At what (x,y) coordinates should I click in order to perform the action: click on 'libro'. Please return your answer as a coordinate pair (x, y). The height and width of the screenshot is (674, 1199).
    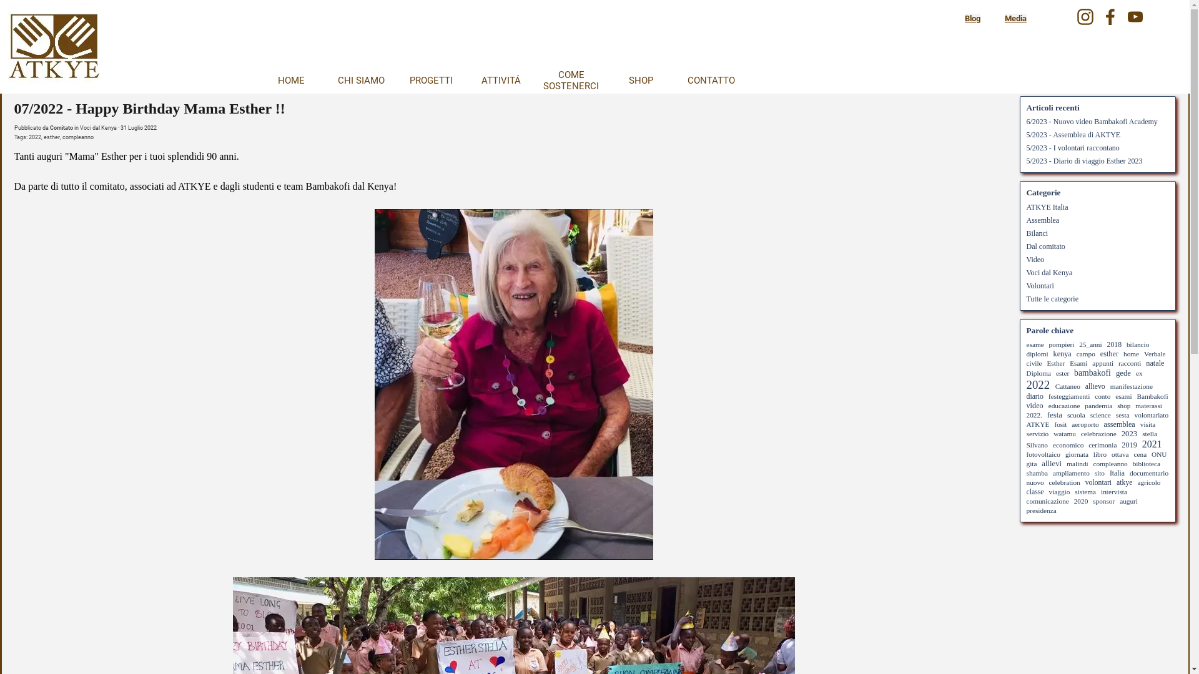
    Looking at the image, I should click on (1100, 454).